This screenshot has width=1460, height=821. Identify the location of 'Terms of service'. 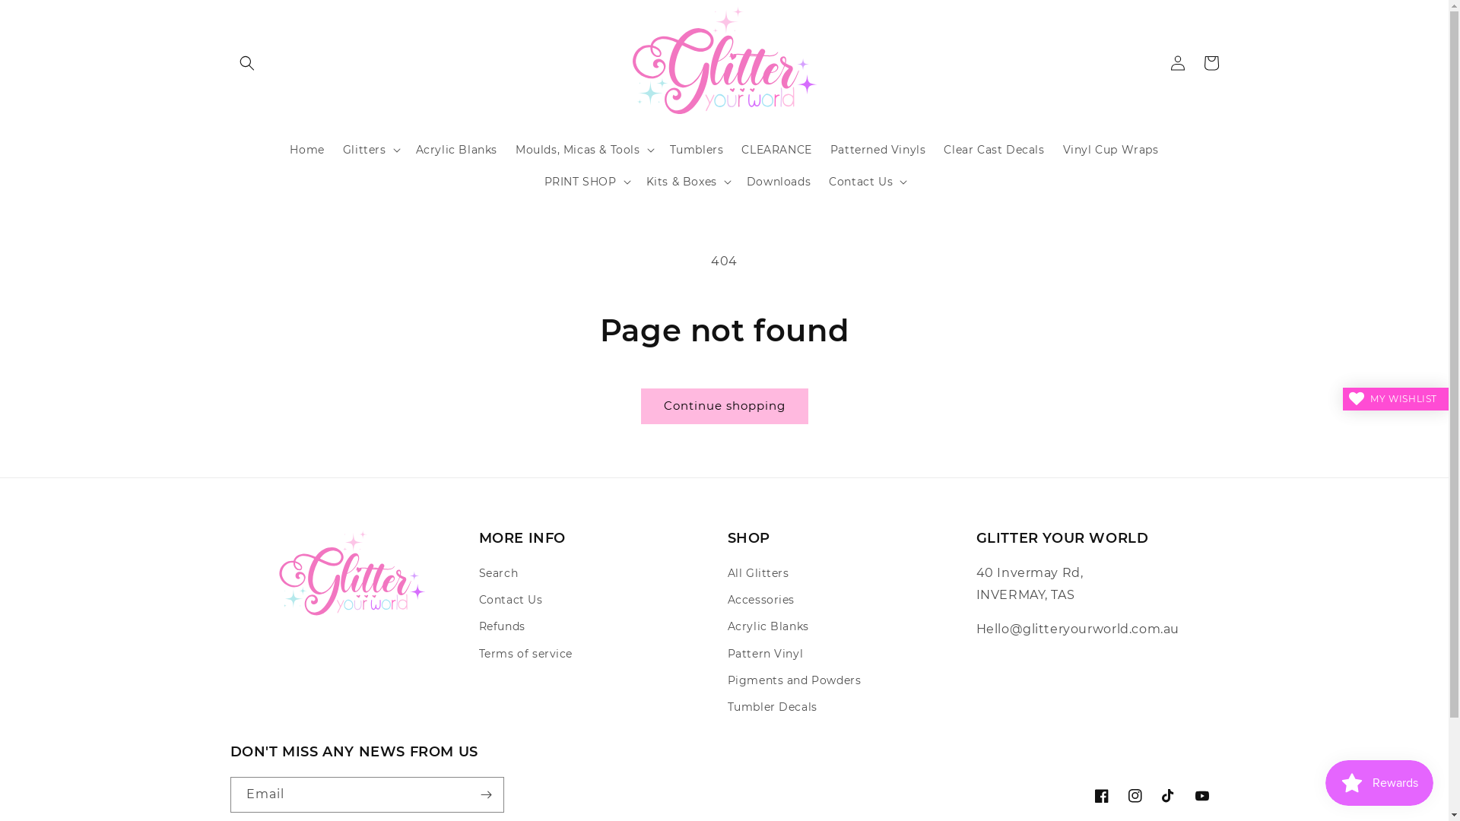
(525, 653).